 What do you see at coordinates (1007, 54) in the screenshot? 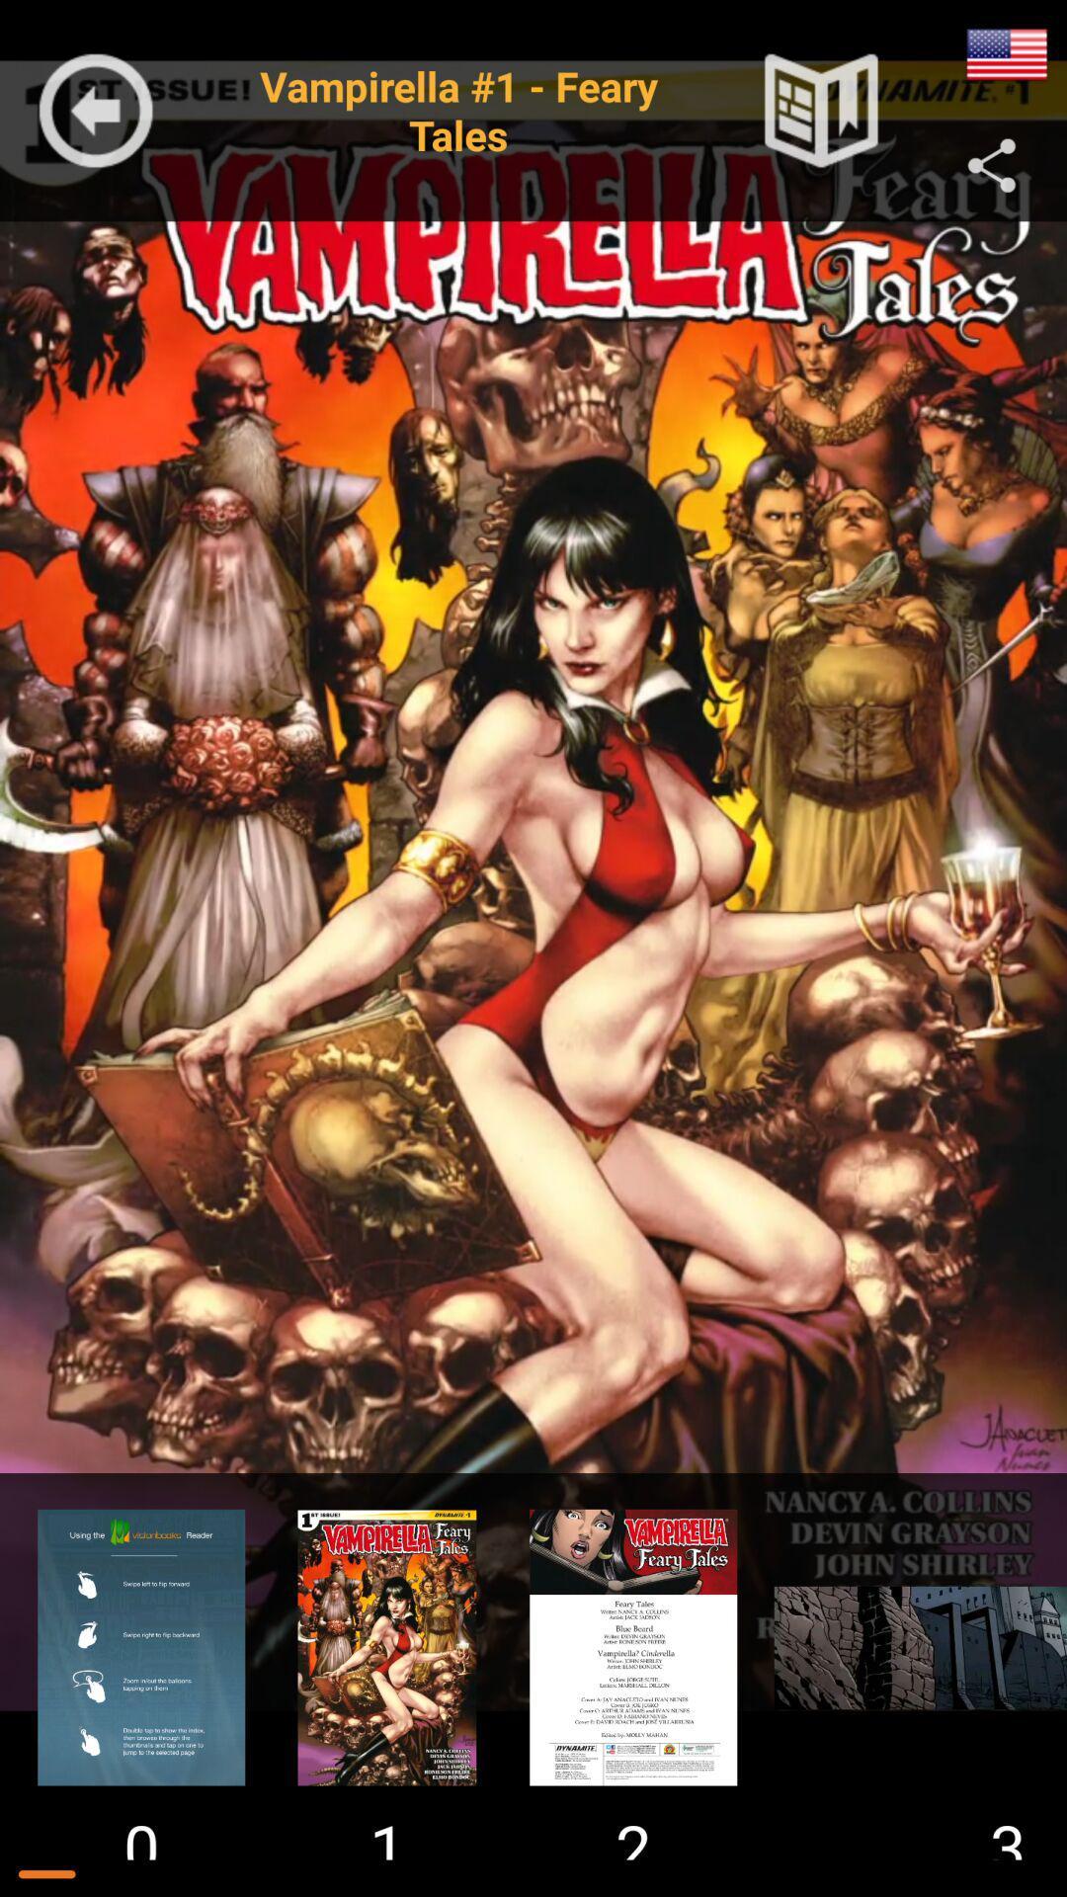
I see `change to usa` at bounding box center [1007, 54].